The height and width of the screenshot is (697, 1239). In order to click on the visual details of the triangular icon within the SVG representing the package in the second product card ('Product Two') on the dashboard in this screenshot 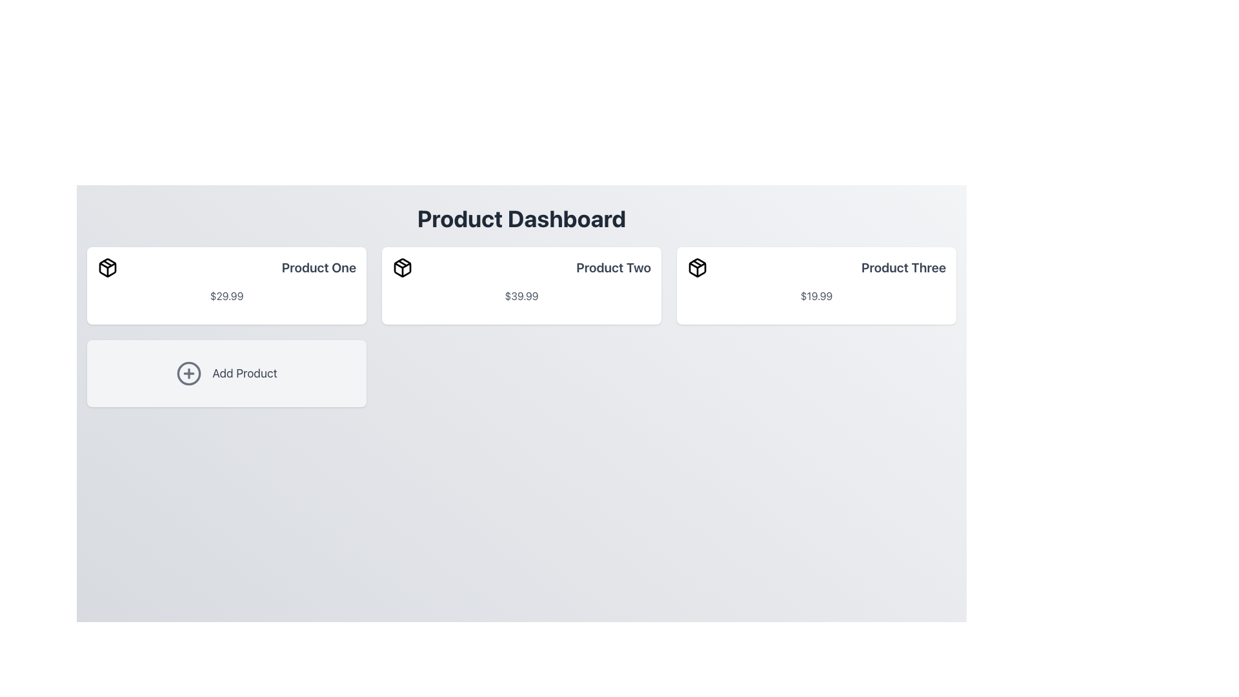, I will do `click(402, 265)`.